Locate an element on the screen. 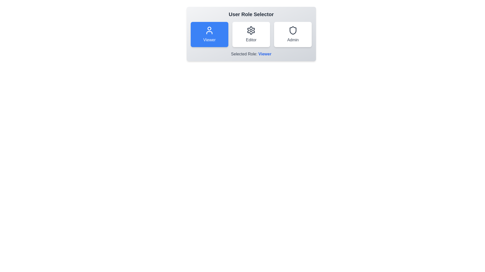  the icon for the Viewer role is located at coordinates (209, 30).